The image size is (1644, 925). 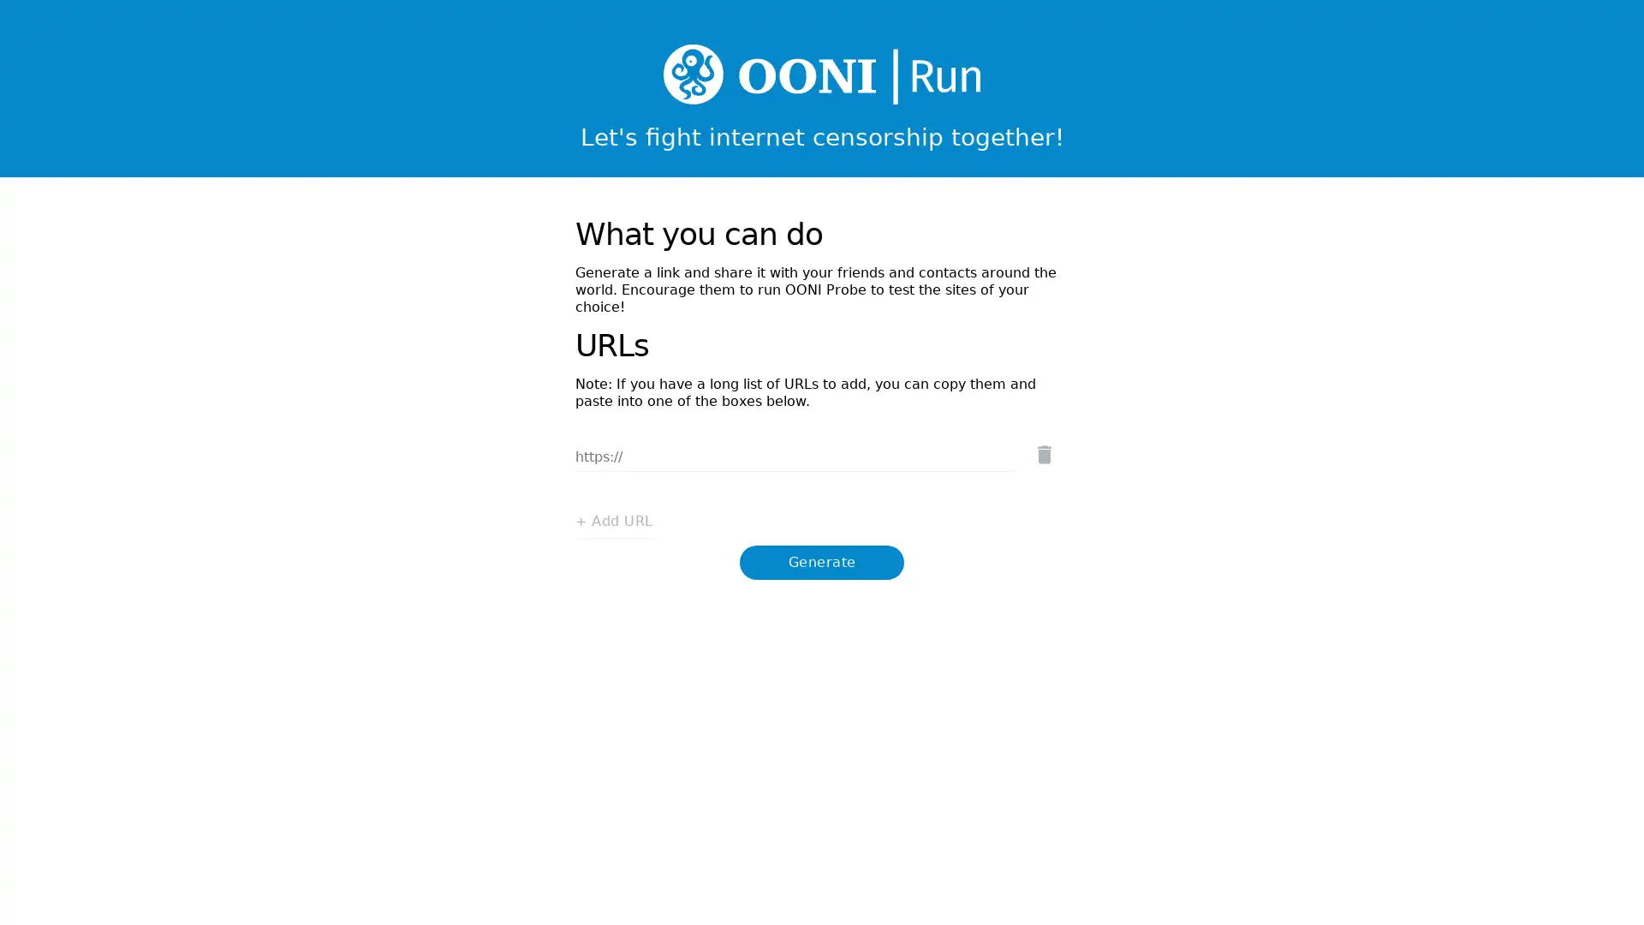 I want to click on Generate, so click(x=822, y=545).